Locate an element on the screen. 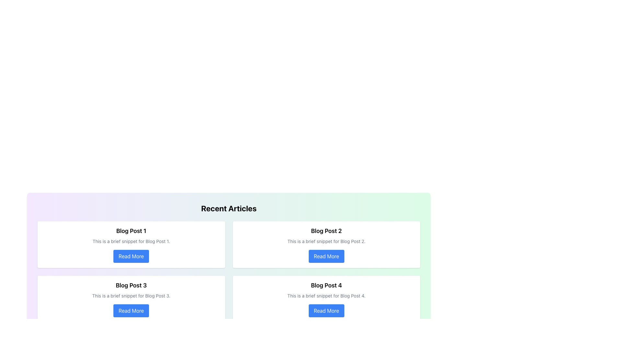 This screenshot has height=350, width=622. the text label displaying 'Blog Post 3', which is styled prominently with a bold font and is located in the second row, first column of the article grid is located at coordinates (131, 285).